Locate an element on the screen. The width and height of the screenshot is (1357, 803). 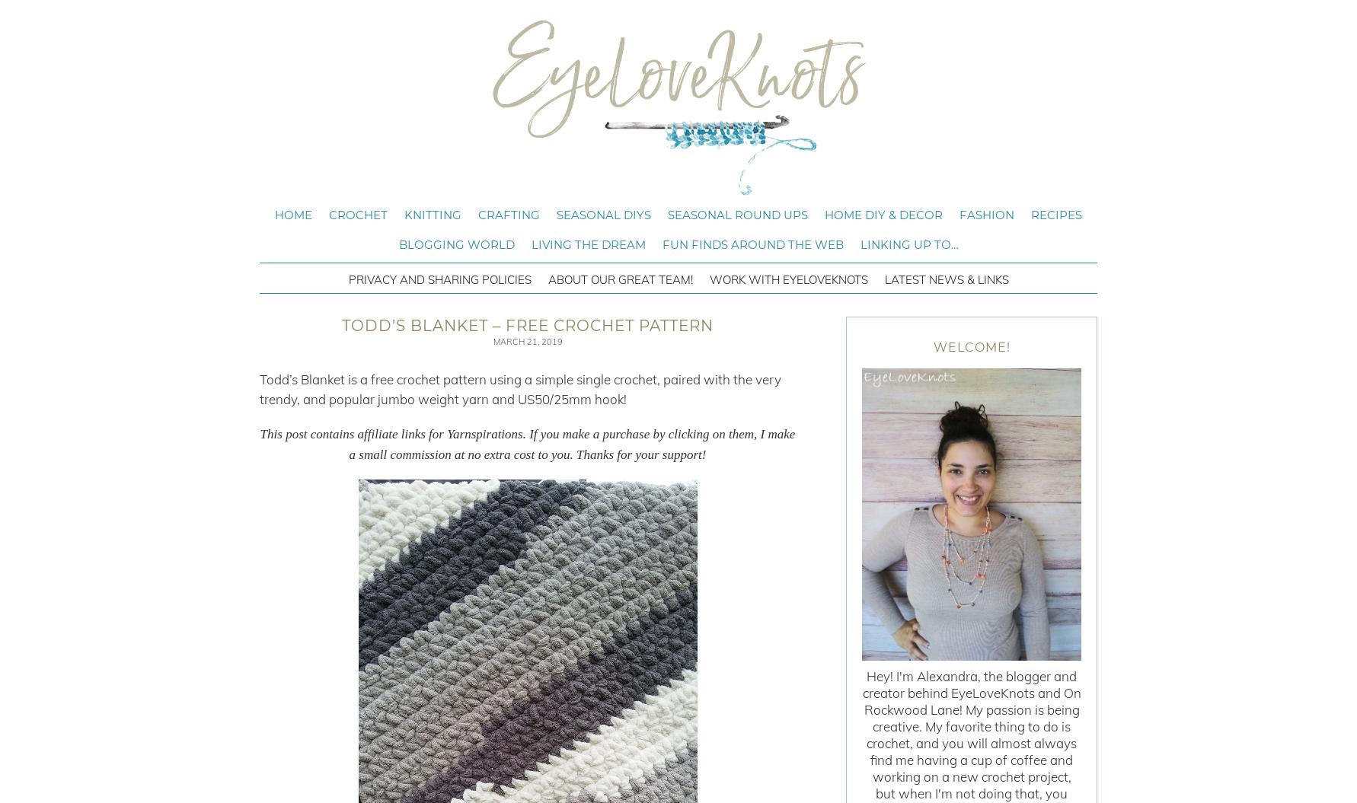
'Fashion' is located at coordinates (987, 215).